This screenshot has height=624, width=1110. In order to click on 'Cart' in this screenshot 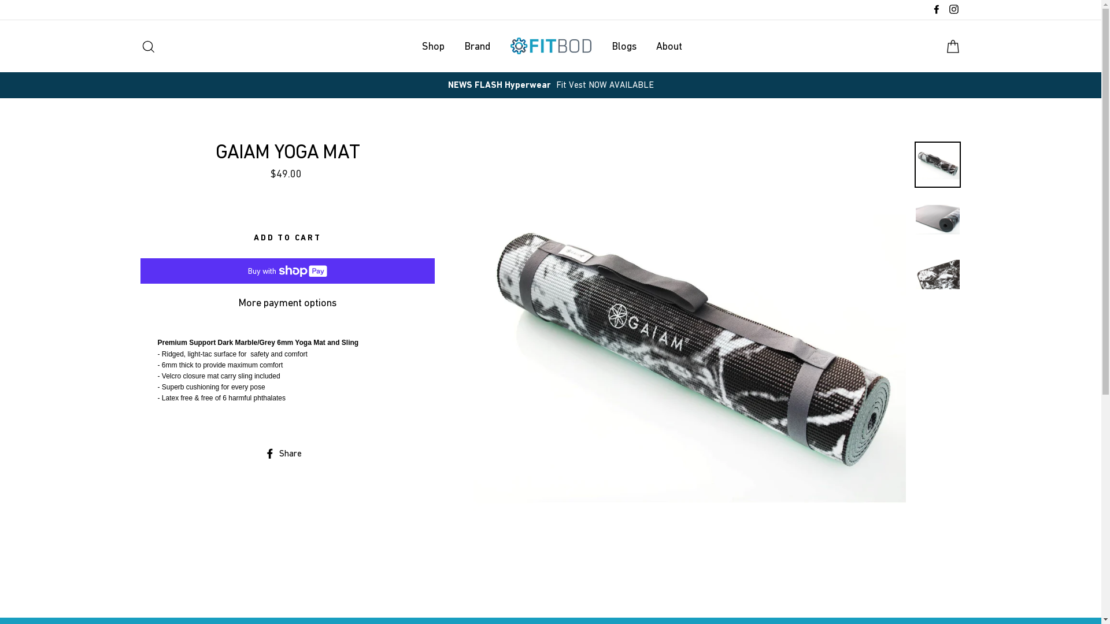, I will do `click(952, 46)`.